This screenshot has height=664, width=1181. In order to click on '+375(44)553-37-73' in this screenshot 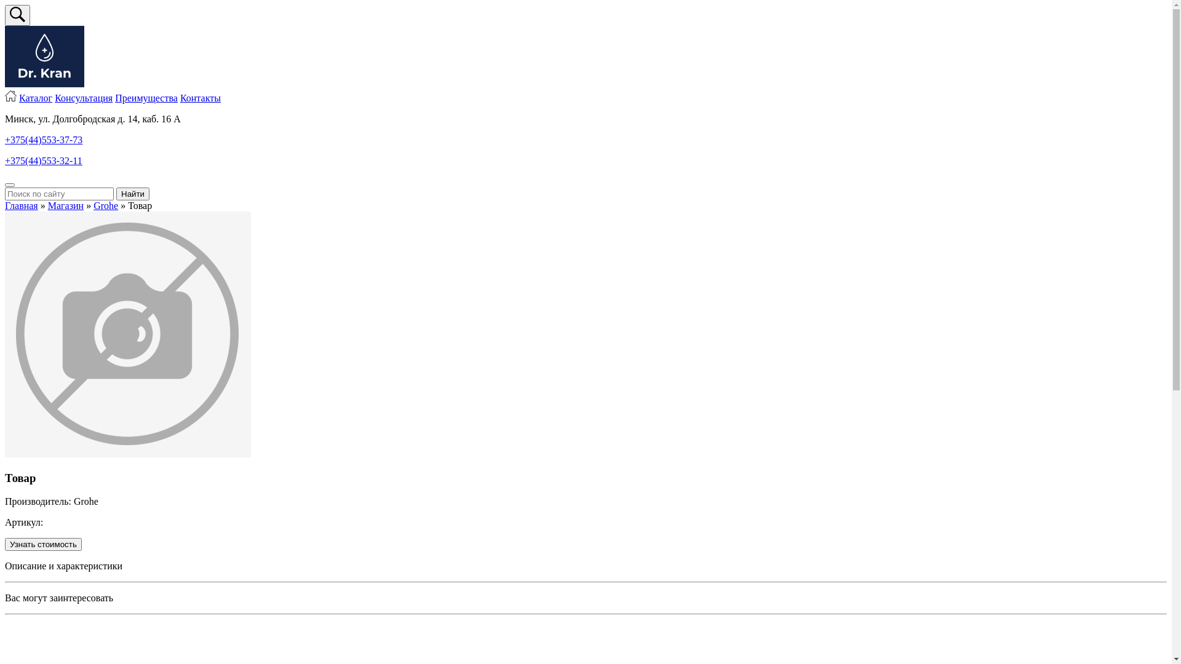, I will do `click(44, 139)`.